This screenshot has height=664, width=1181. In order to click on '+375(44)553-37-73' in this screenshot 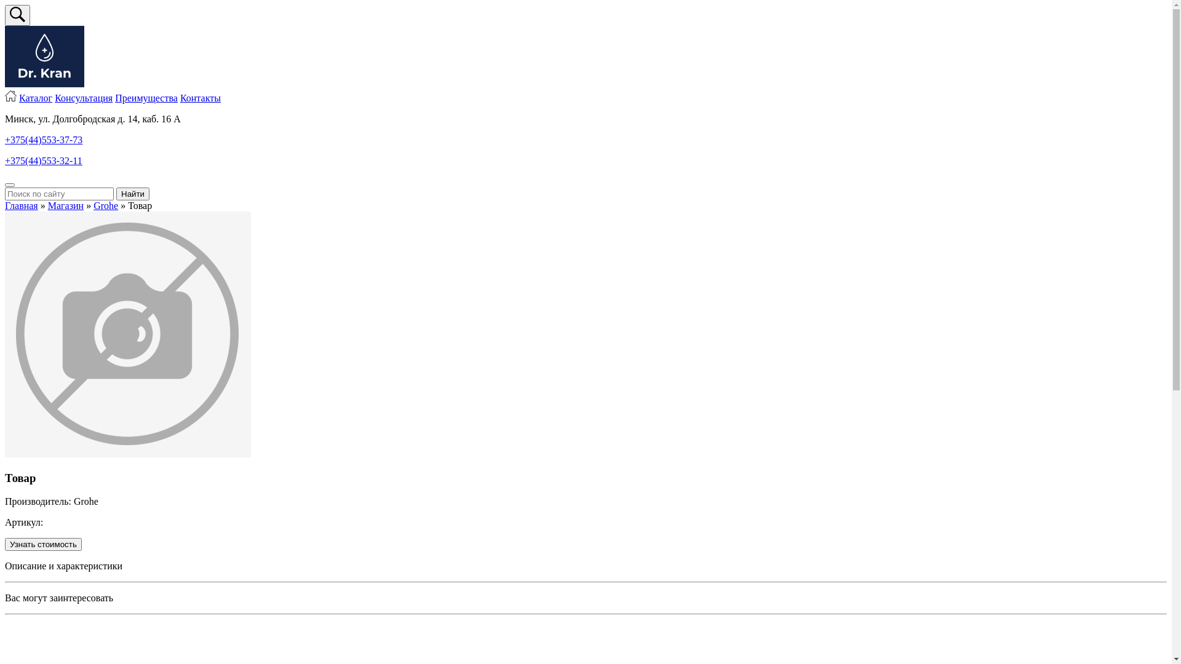, I will do `click(44, 139)`.